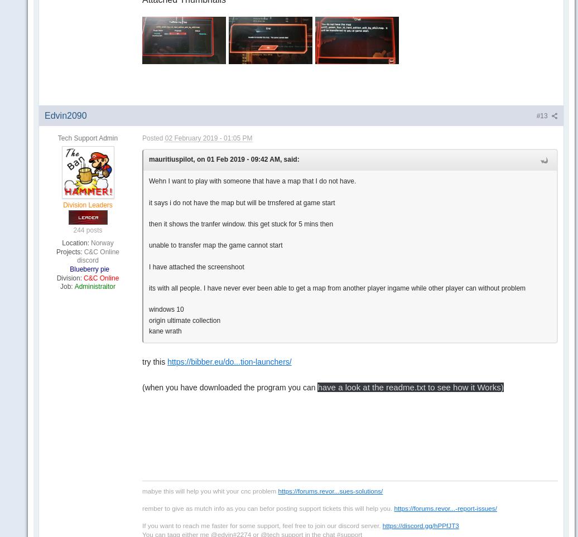 This screenshot has width=578, height=537. I want to click on 'Job:', so click(66, 286).